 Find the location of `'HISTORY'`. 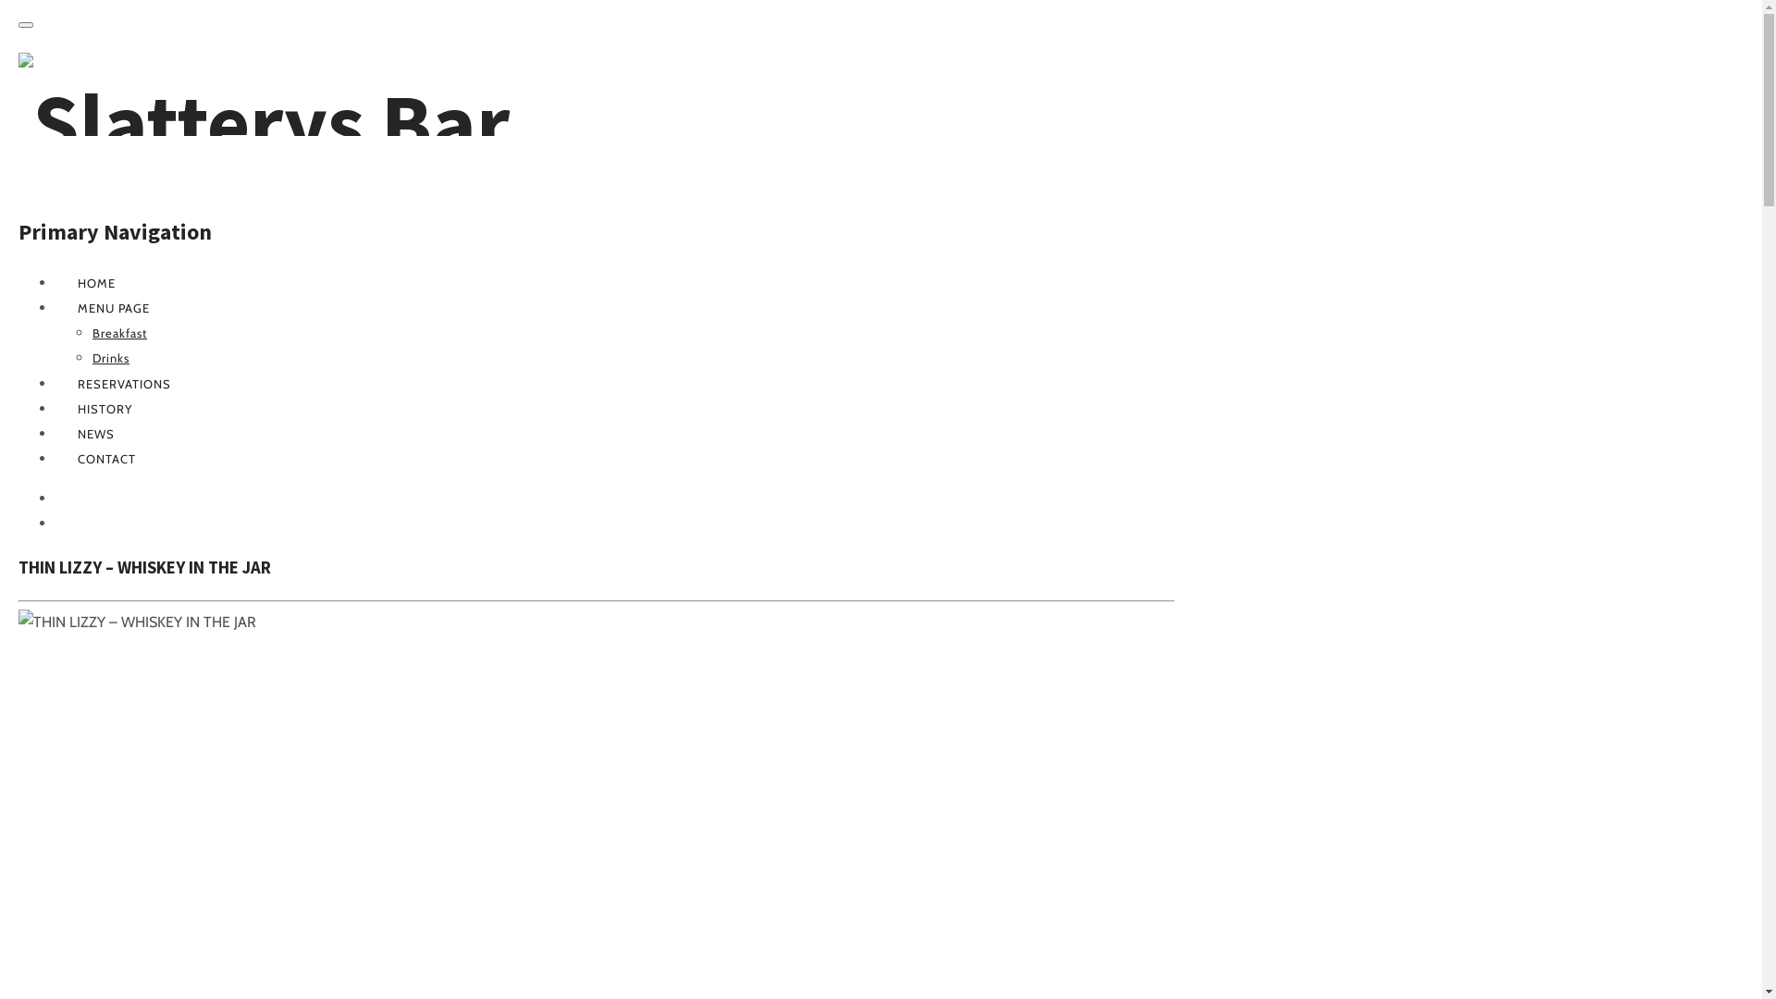

'HISTORY' is located at coordinates (104, 408).